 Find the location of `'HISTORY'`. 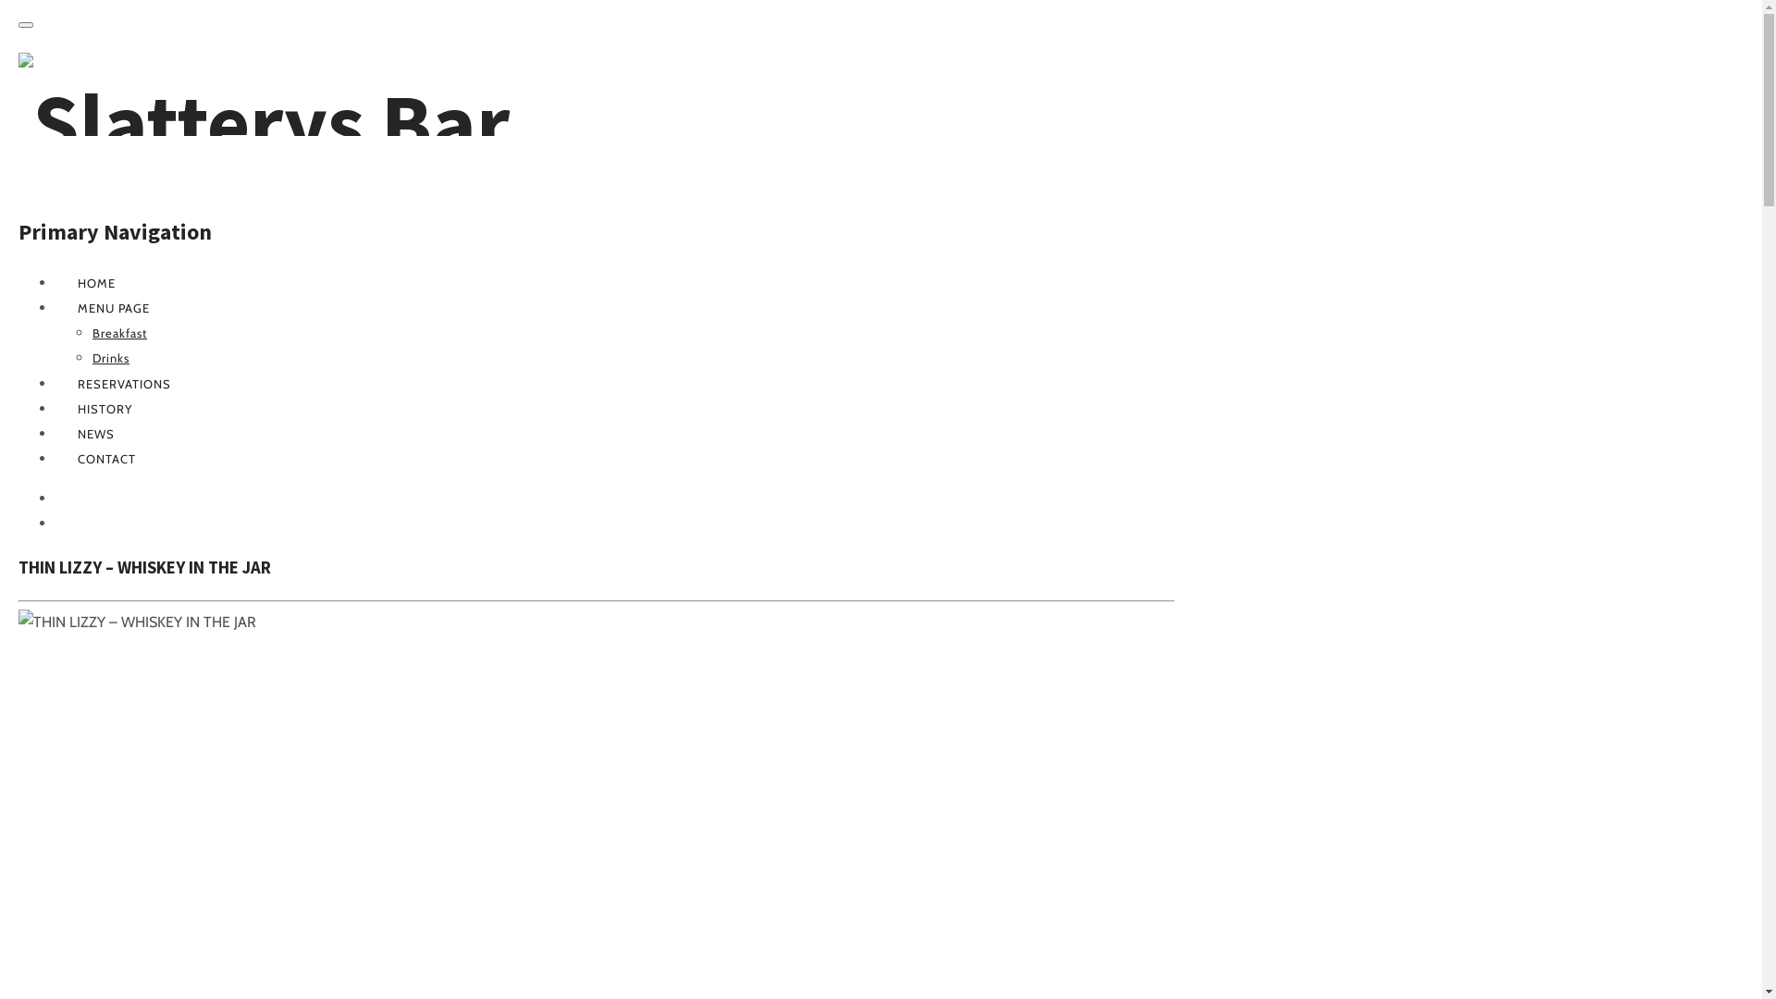

'HISTORY' is located at coordinates (104, 408).